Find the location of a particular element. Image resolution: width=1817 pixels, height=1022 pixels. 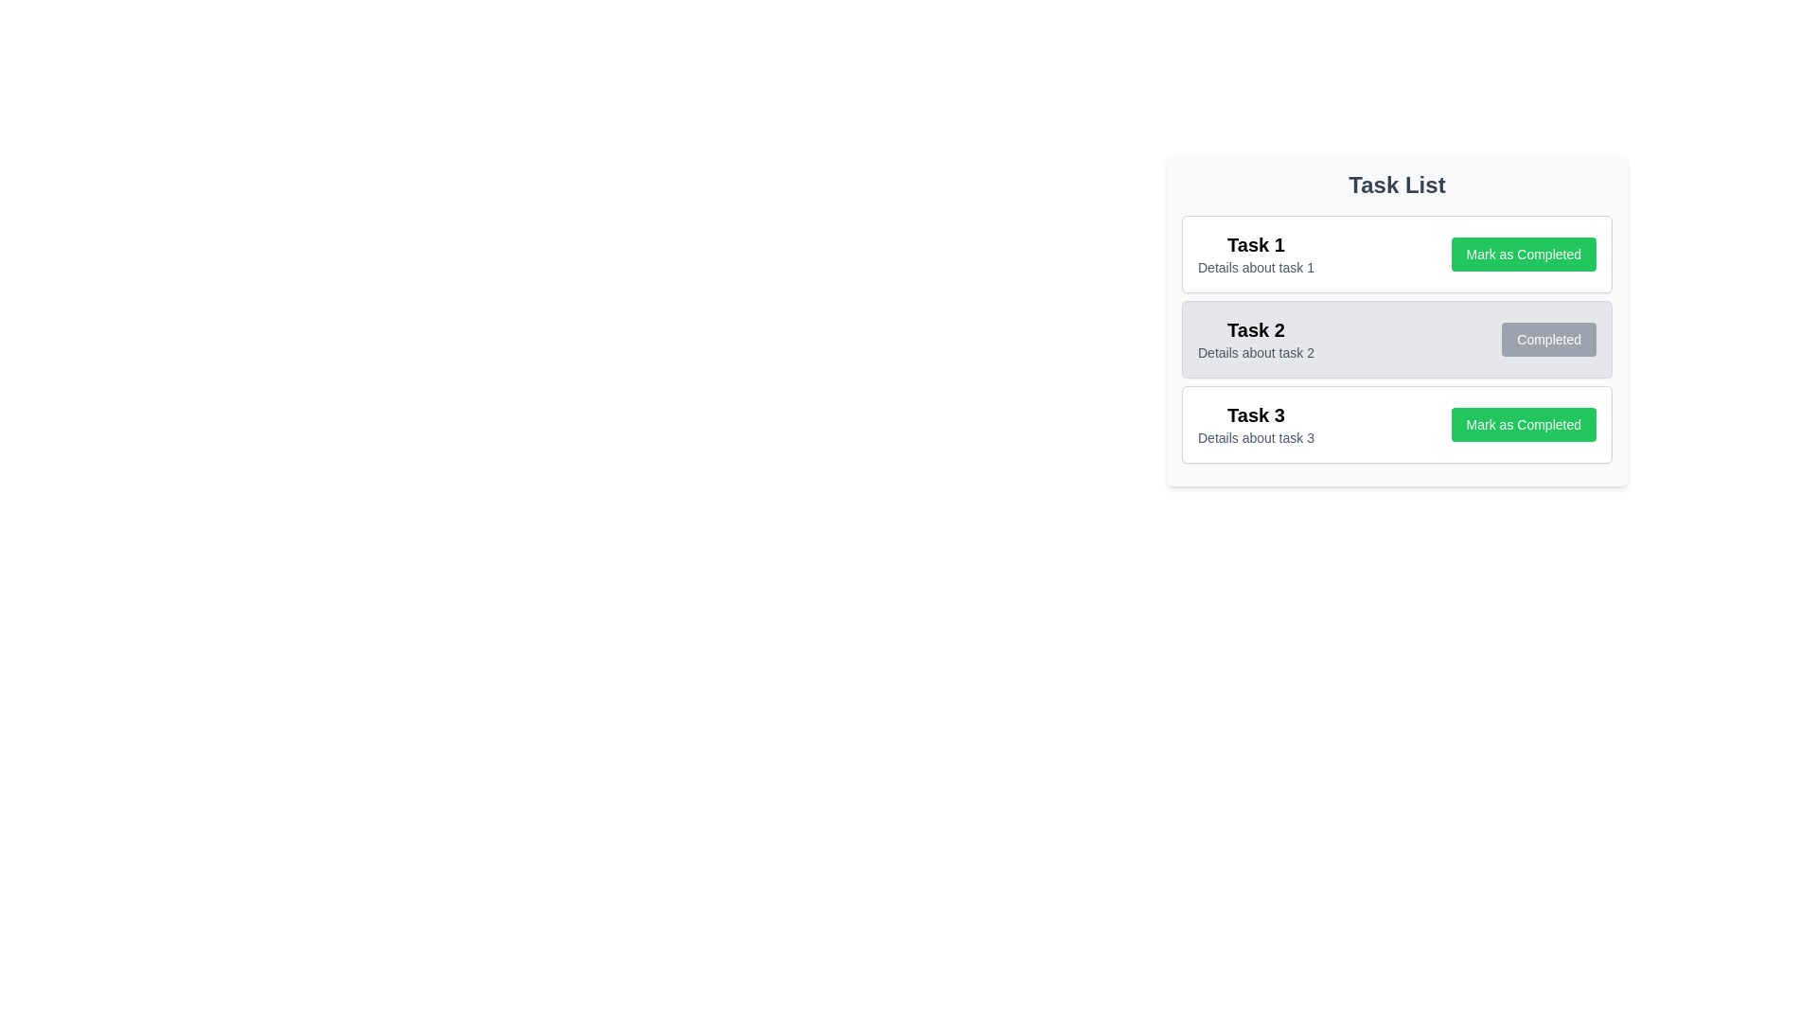

the 'Mark as Completed' button, which is a rounded rectangular button with a green background and white bold text, located within the 'Task 1' task box is located at coordinates (1524, 254).